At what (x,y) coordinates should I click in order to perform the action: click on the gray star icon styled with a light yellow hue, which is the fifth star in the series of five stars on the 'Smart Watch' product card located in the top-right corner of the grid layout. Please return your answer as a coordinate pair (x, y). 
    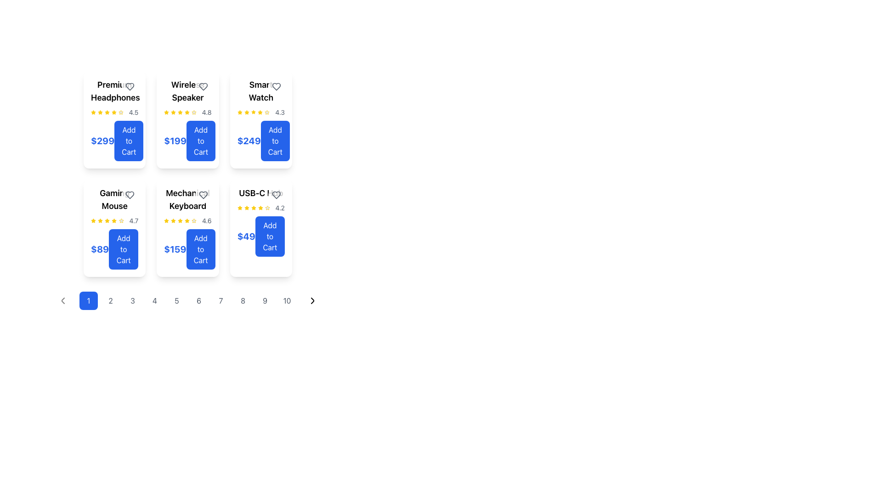
    Looking at the image, I should click on (266, 112).